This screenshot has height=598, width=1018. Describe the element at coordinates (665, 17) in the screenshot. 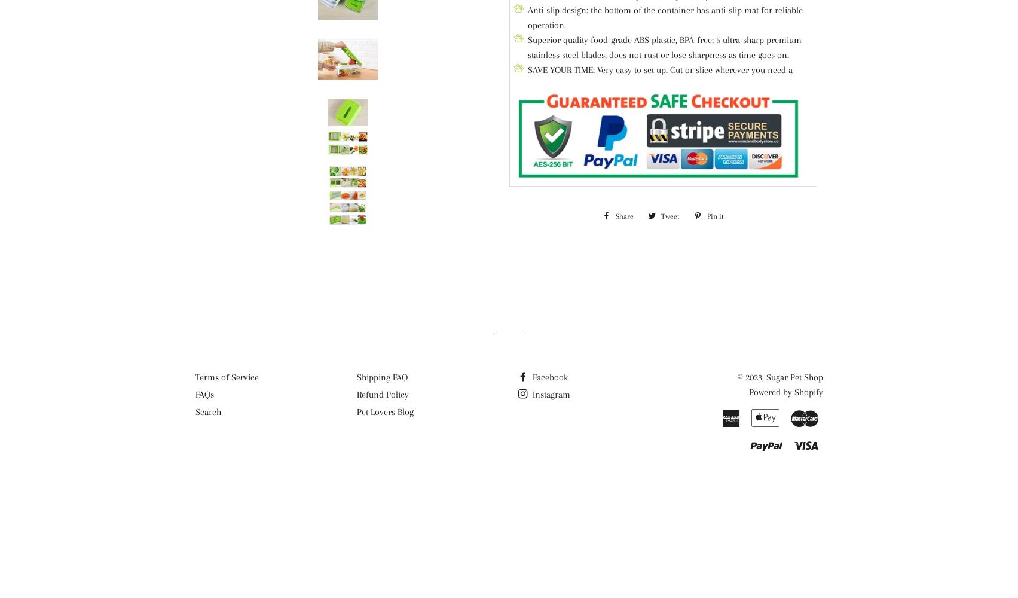

I see `'Anti-slip design: the bottom of the container has anti-slip mat for reliable operation.'` at that location.